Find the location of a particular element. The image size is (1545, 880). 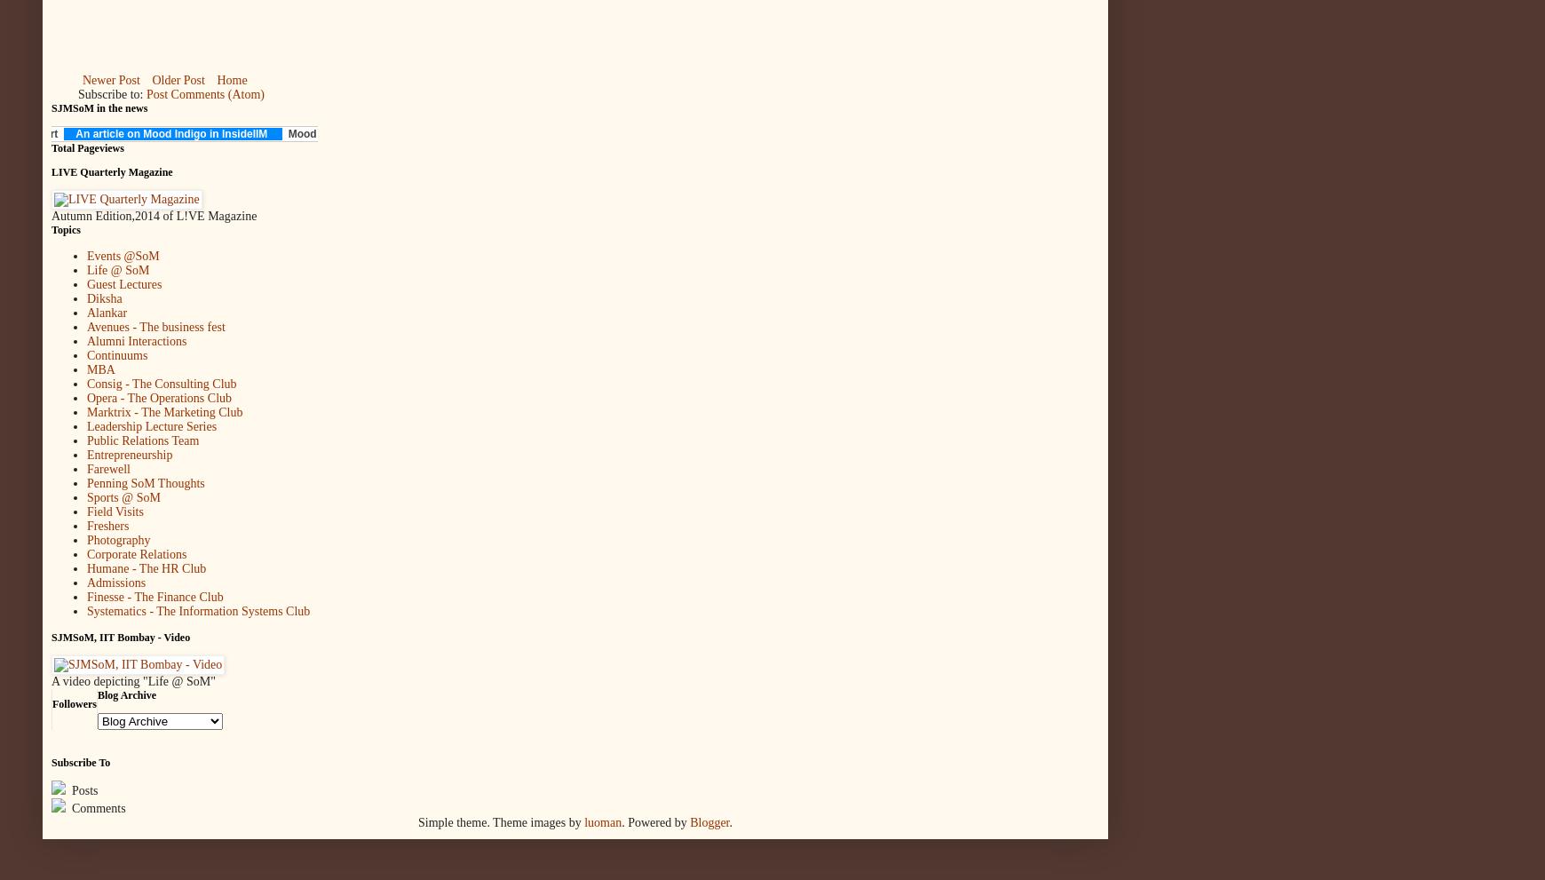

'.' is located at coordinates (731, 821).